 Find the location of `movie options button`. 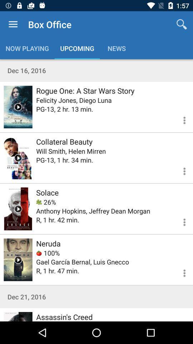

movie options button is located at coordinates (180, 272).